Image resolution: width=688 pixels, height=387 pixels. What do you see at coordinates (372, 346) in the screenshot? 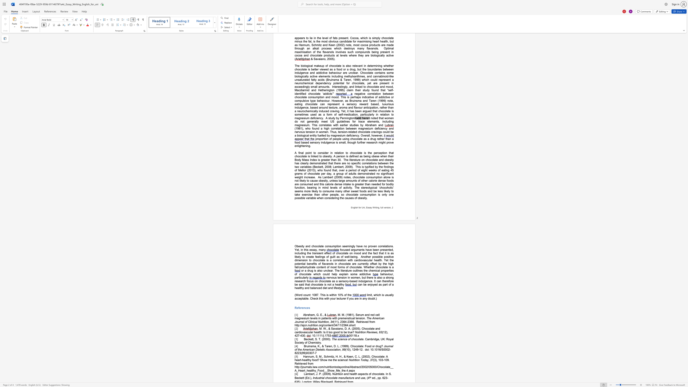
I see `the subset text "or drug" within the text "Bruinsma, K., & Taren, D. L. (1999). Chocolate: Food or drug?"` at bounding box center [372, 346].